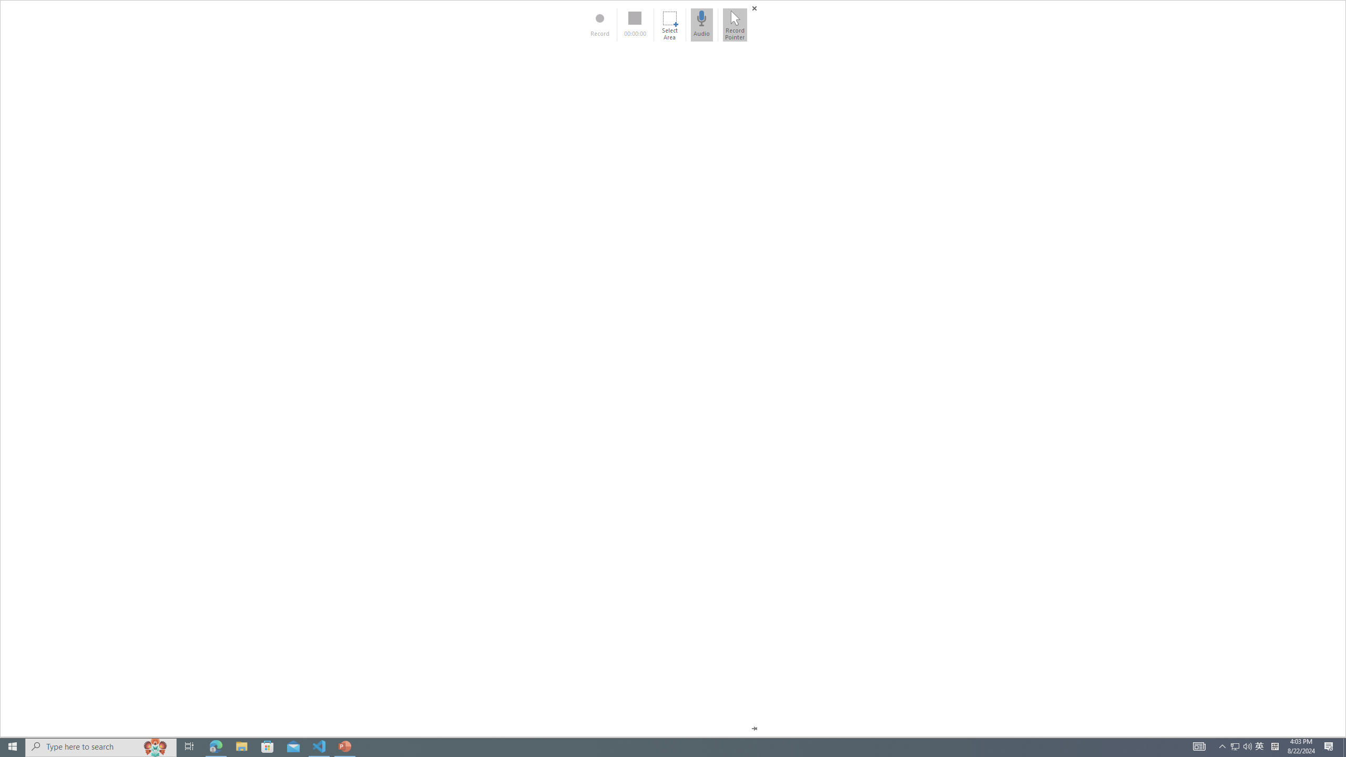 The image size is (1346, 757). I want to click on 'Record Pointer', so click(735, 24).